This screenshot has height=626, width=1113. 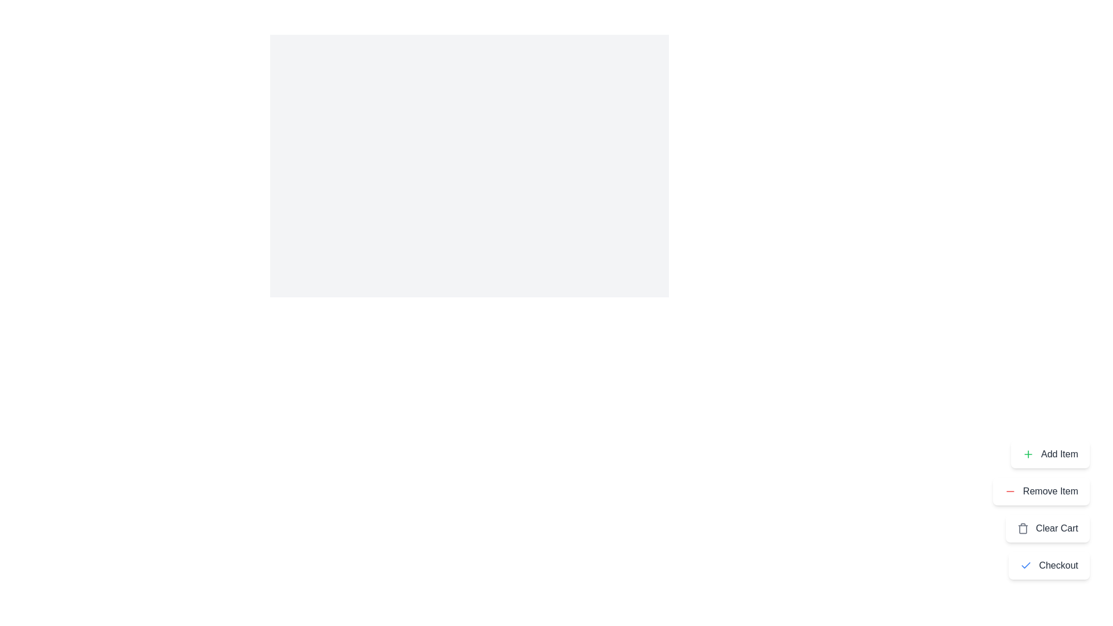 I want to click on the 'Checkout' button to proceed with the checkout process, so click(x=1049, y=565).